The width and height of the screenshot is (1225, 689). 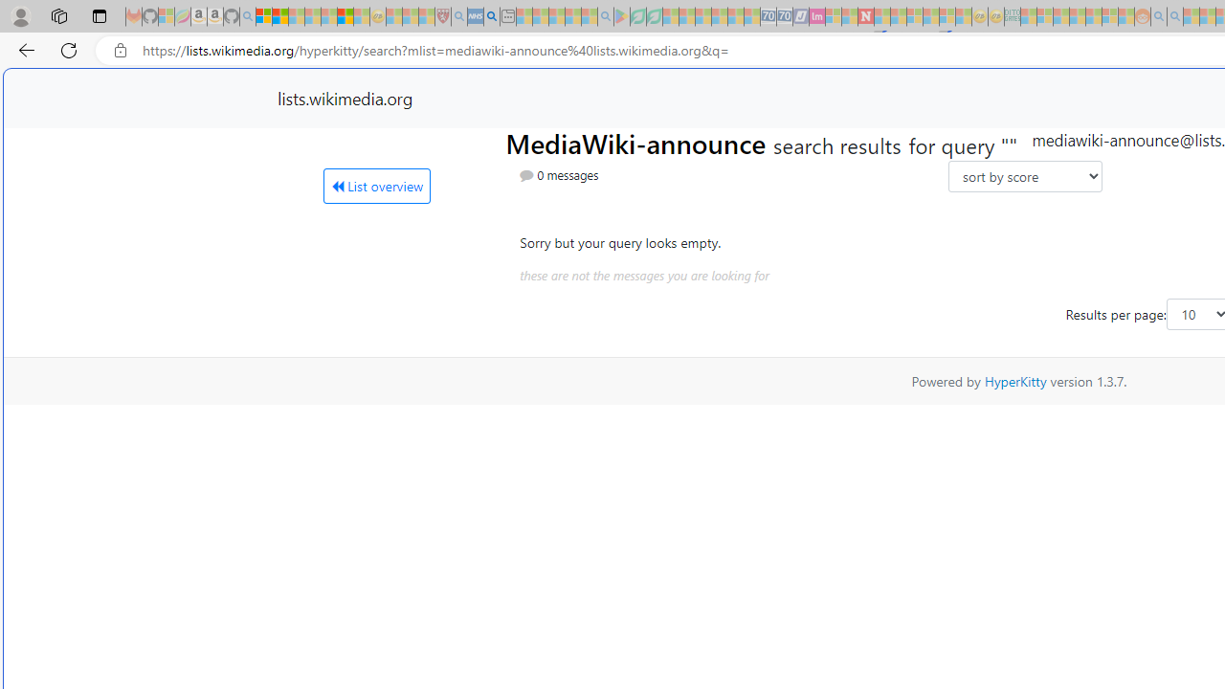 I want to click on 'Expert Portfolios - Sleeping', so click(x=1077, y=16).